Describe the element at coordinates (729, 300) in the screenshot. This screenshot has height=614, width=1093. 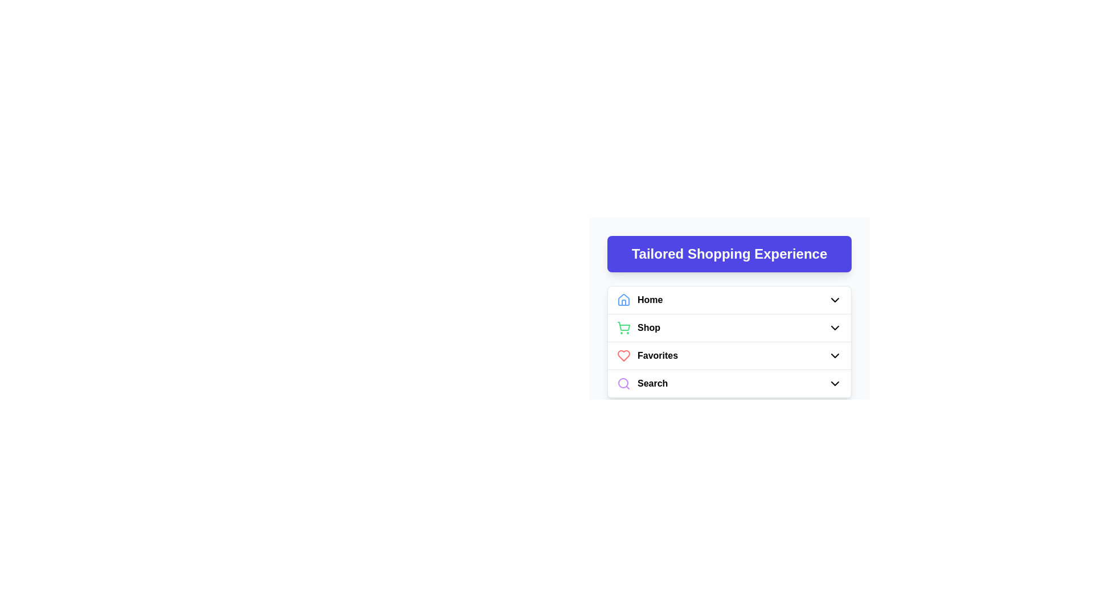
I see `the first list item labeled 'Home' under the 'Tailored Shopping Experience' section` at that location.